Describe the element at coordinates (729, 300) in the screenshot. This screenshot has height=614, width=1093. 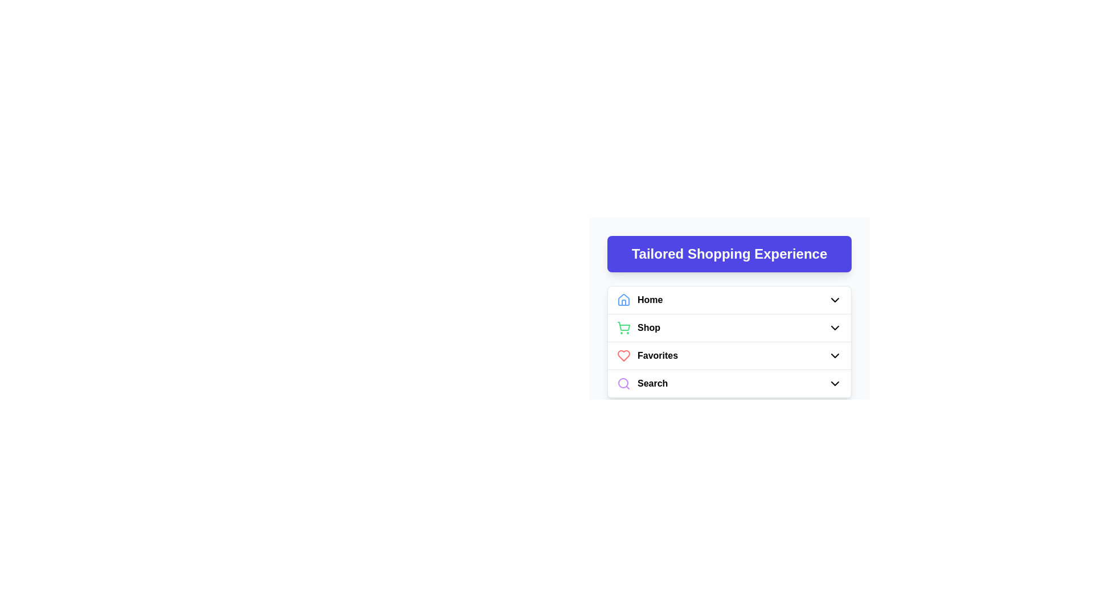
I see `the first list item labeled 'Home' under the 'Tailored Shopping Experience' section` at that location.